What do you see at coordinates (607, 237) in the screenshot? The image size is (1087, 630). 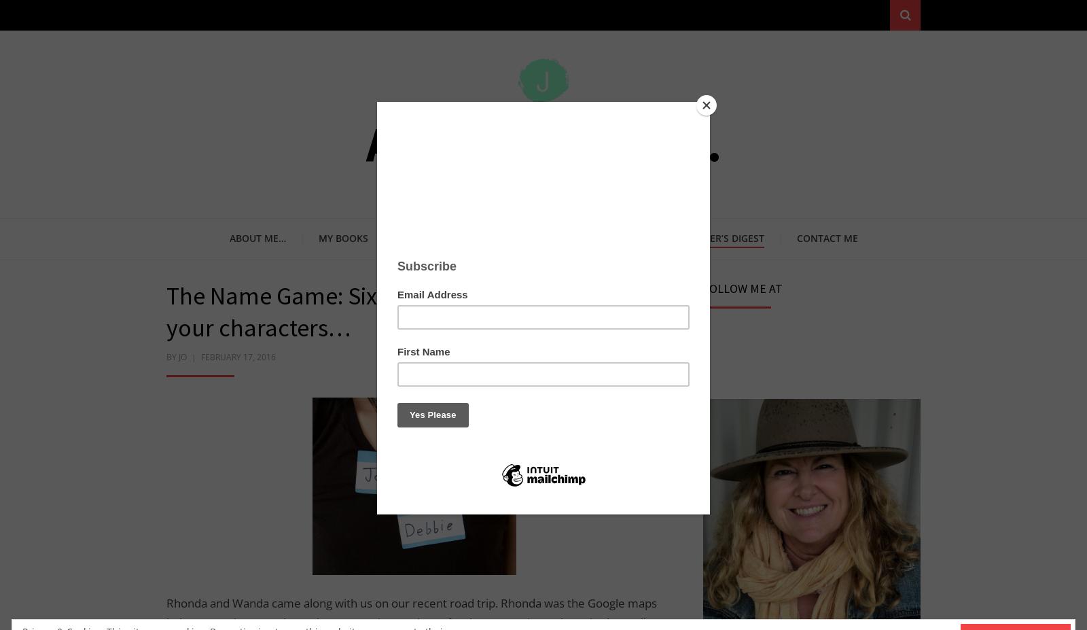 I see `'On My Bookshelf'` at bounding box center [607, 237].